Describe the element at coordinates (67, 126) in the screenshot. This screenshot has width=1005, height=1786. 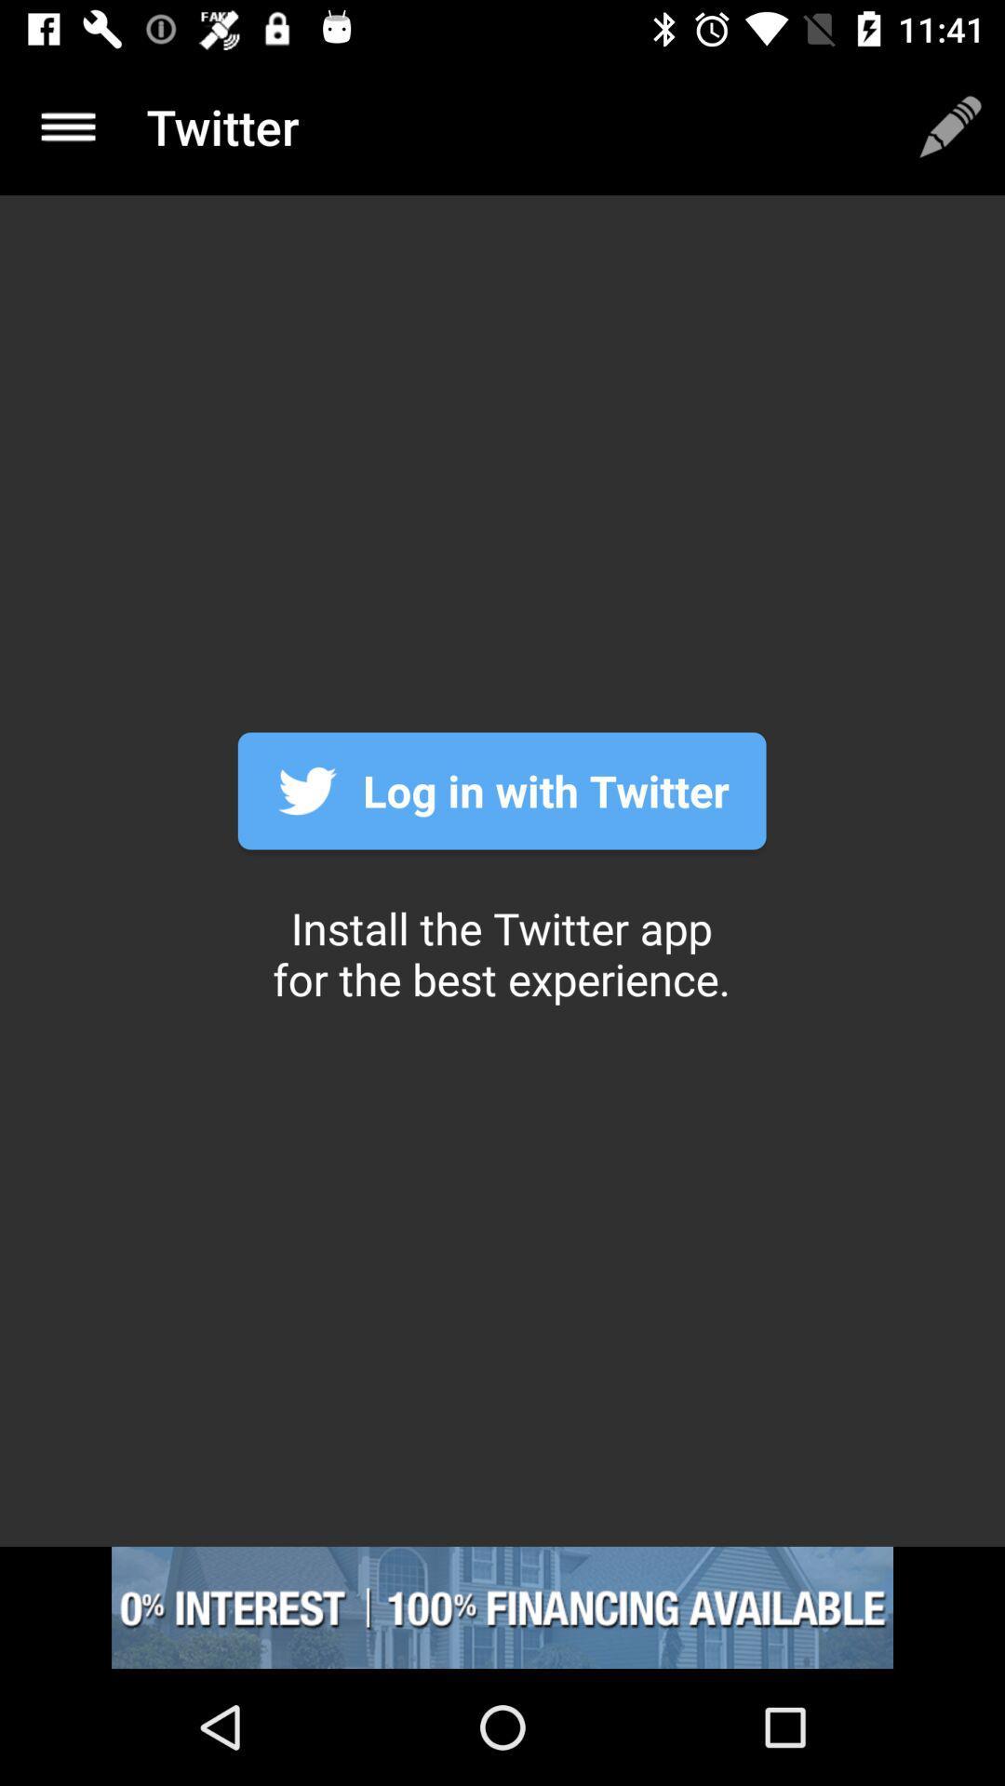
I see `open options` at that location.